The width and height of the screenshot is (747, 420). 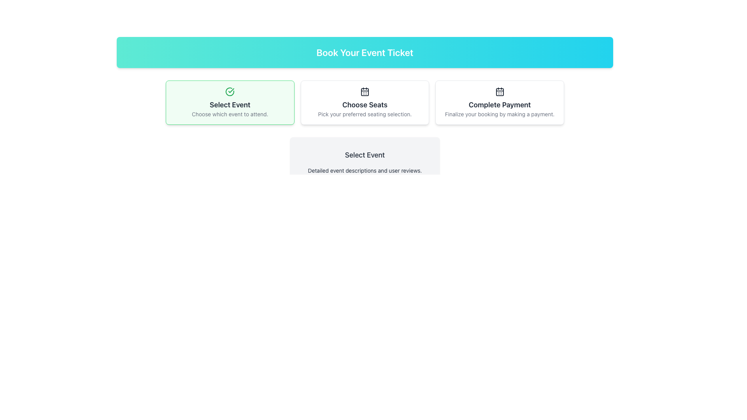 I want to click on the Informational card or panel that provides information about the 'Select Event' functionality, which is located in the second row between the 'Book Your Event Ticket' banner and the navigation controls, so click(x=364, y=161).